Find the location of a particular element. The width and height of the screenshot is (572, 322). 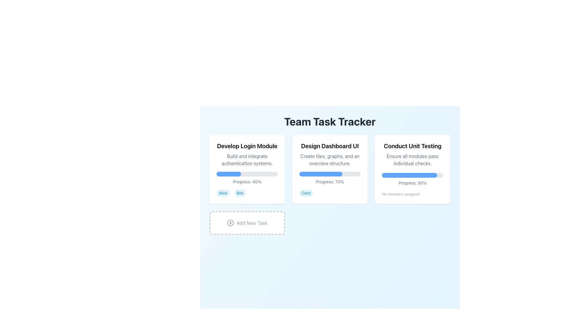

title text of the second card, which indicates the main subject or task represented by this card, positioned at the top of the card is located at coordinates (329, 146).